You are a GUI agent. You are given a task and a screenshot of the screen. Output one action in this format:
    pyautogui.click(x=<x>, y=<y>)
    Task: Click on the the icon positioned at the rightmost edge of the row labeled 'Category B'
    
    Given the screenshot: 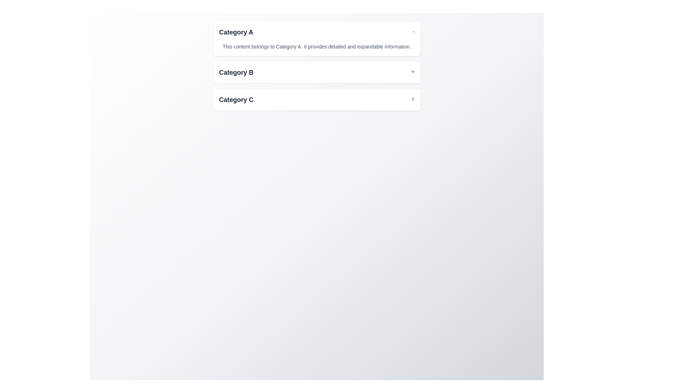 What is the action you would take?
    pyautogui.click(x=413, y=72)
    